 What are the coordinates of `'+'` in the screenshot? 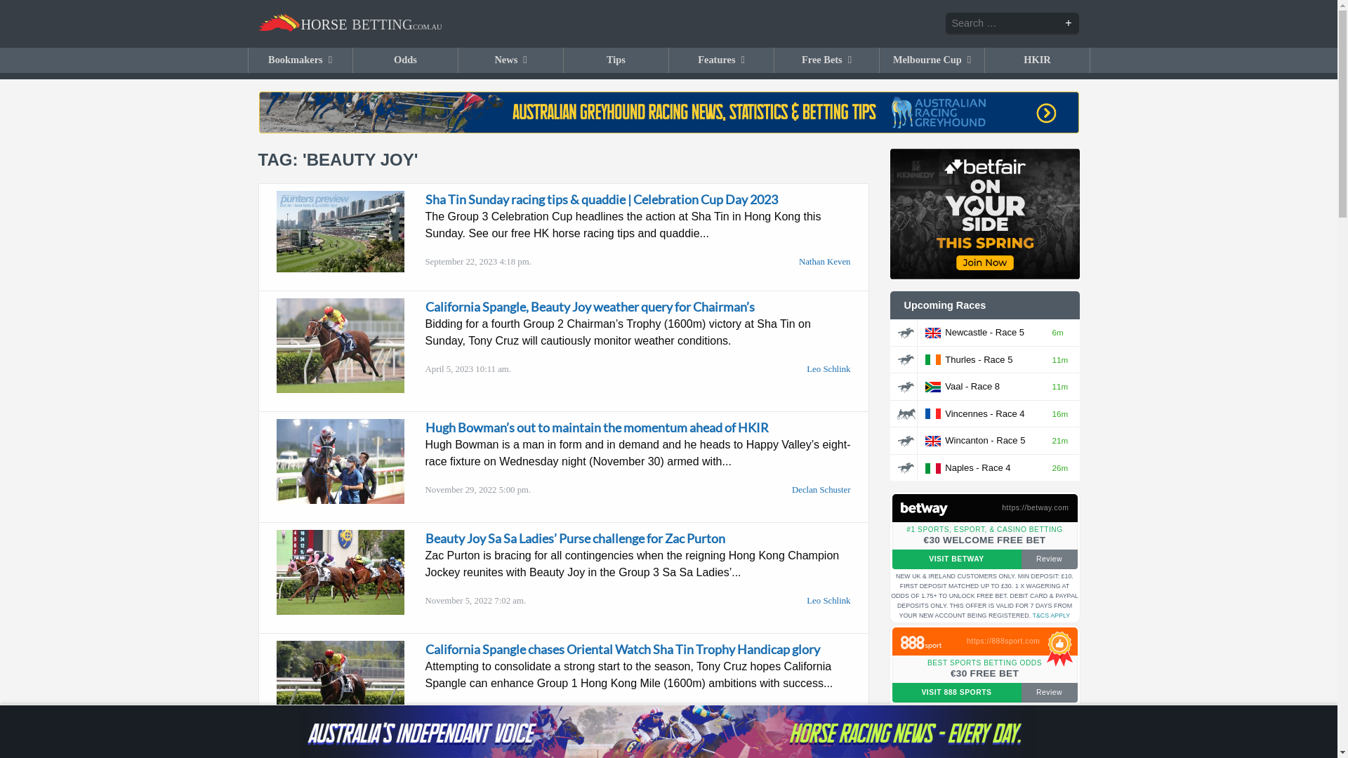 It's located at (1067, 23).